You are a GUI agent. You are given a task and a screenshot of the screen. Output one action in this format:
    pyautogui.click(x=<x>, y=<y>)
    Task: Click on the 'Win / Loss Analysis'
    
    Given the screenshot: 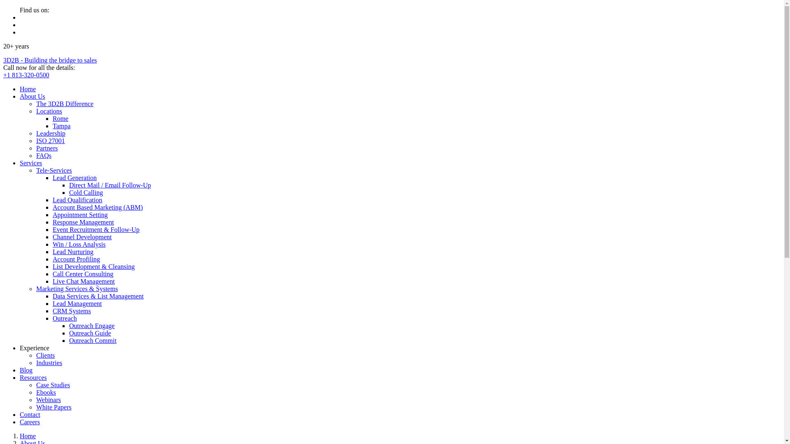 What is the action you would take?
    pyautogui.click(x=79, y=244)
    